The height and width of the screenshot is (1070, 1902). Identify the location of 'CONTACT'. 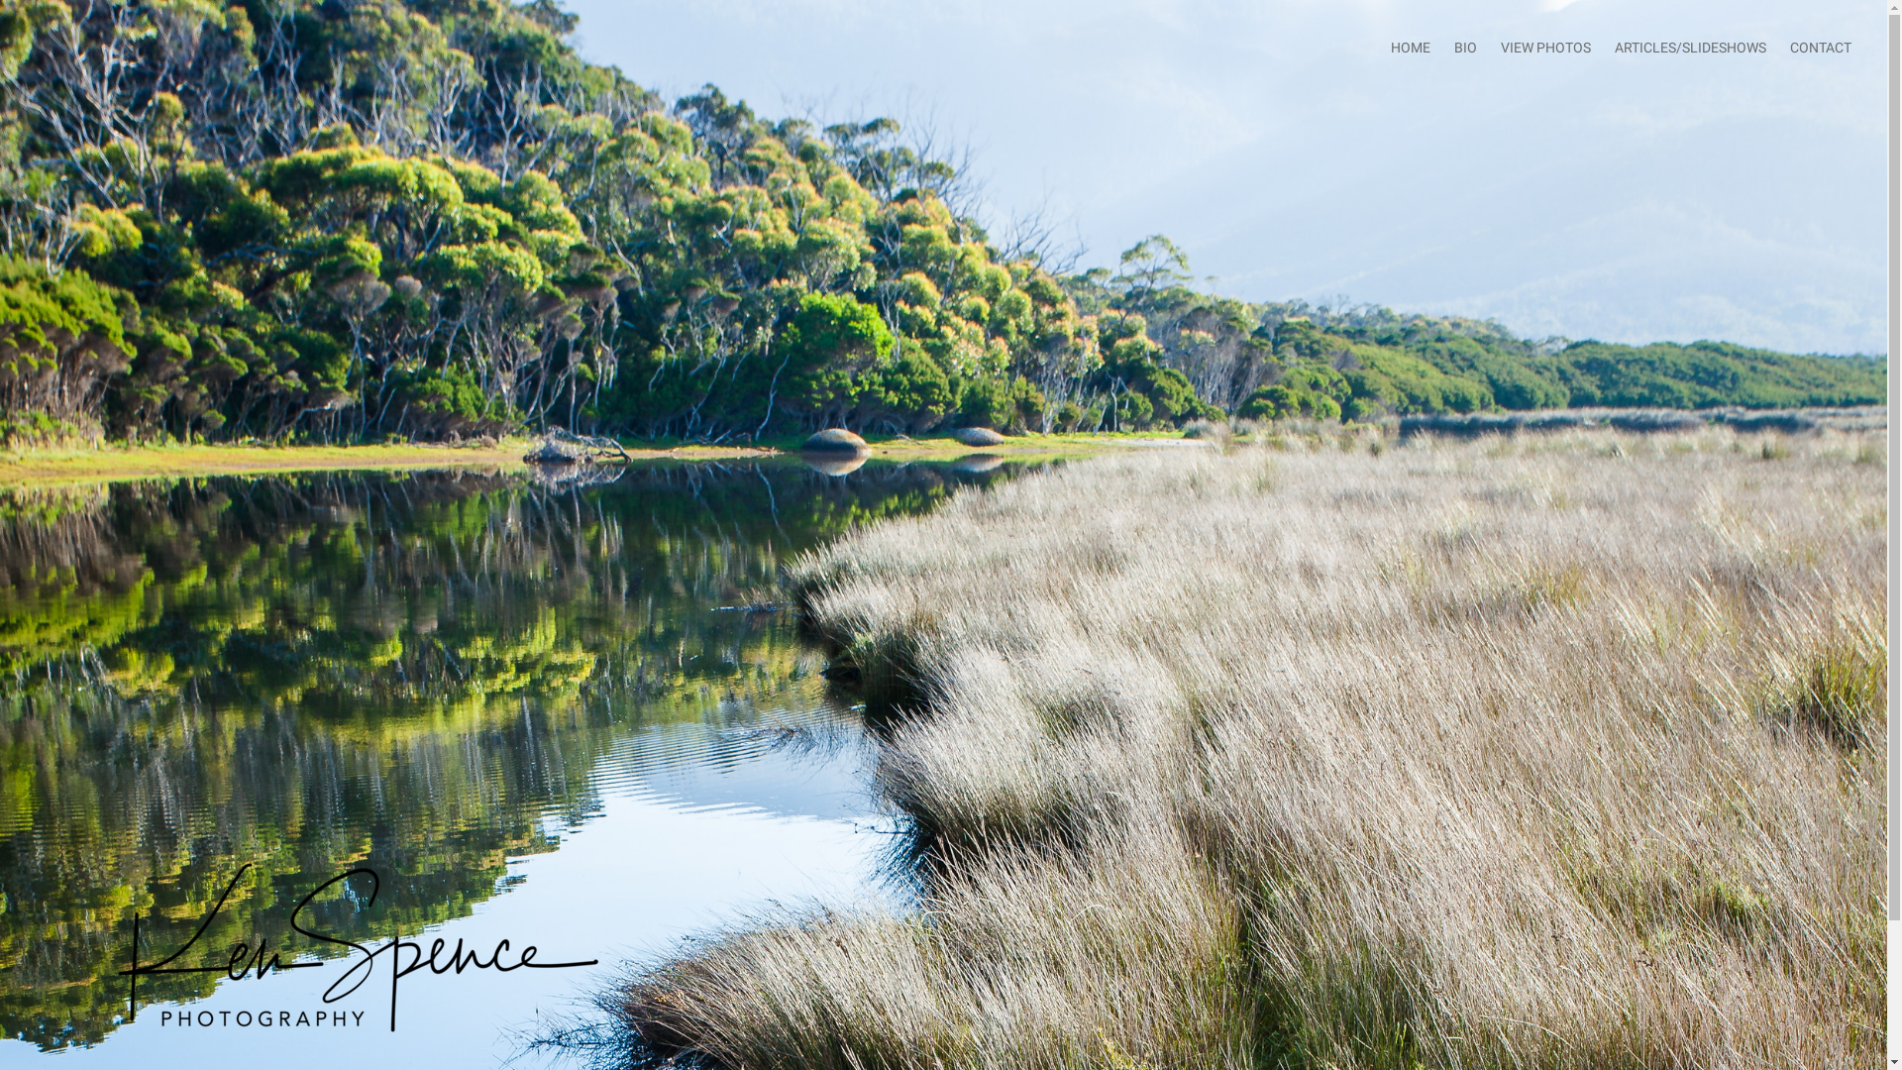
(1821, 46).